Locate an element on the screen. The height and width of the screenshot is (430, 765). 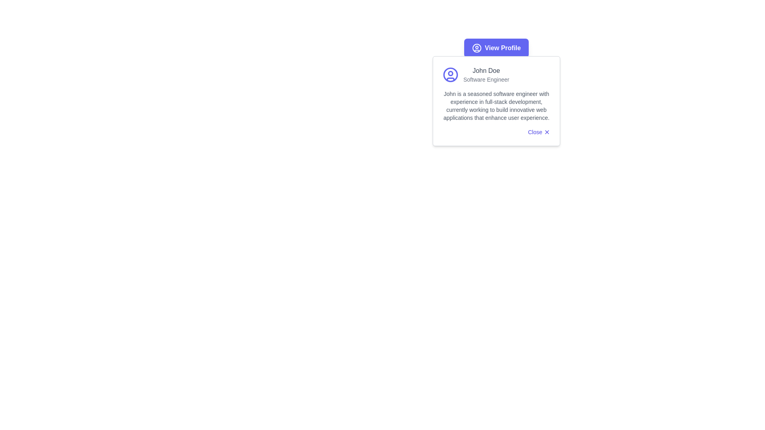
the Text Label displaying 'John Doe', which is styled in gray and slightly bold, located above the subtitle 'Software Engineer' in a card layout is located at coordinates (486, 70).